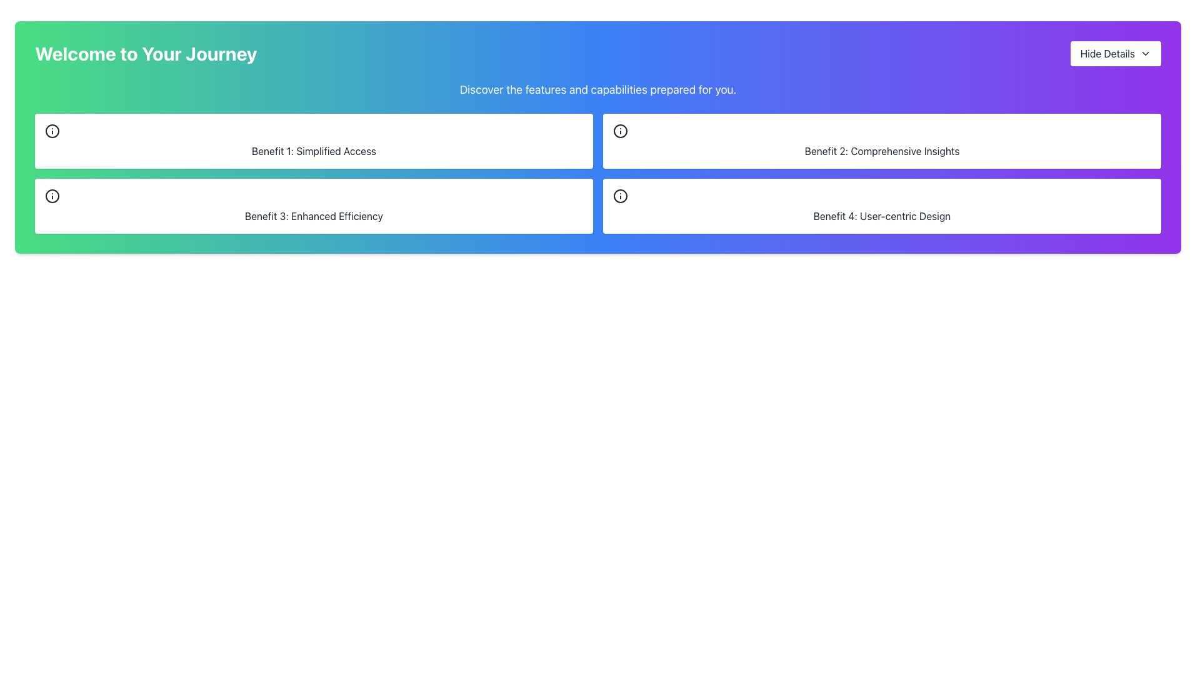 The height and width of the screenshot is (675, 1200). Describe the element at coordinates (314, 141) in the screenshot. I see `the Informational Card element that displays 'Benefit 1: Simplified Access', which is styled with a white background and gray text, located in the upper-left quadrant of the grid layout` at that location.